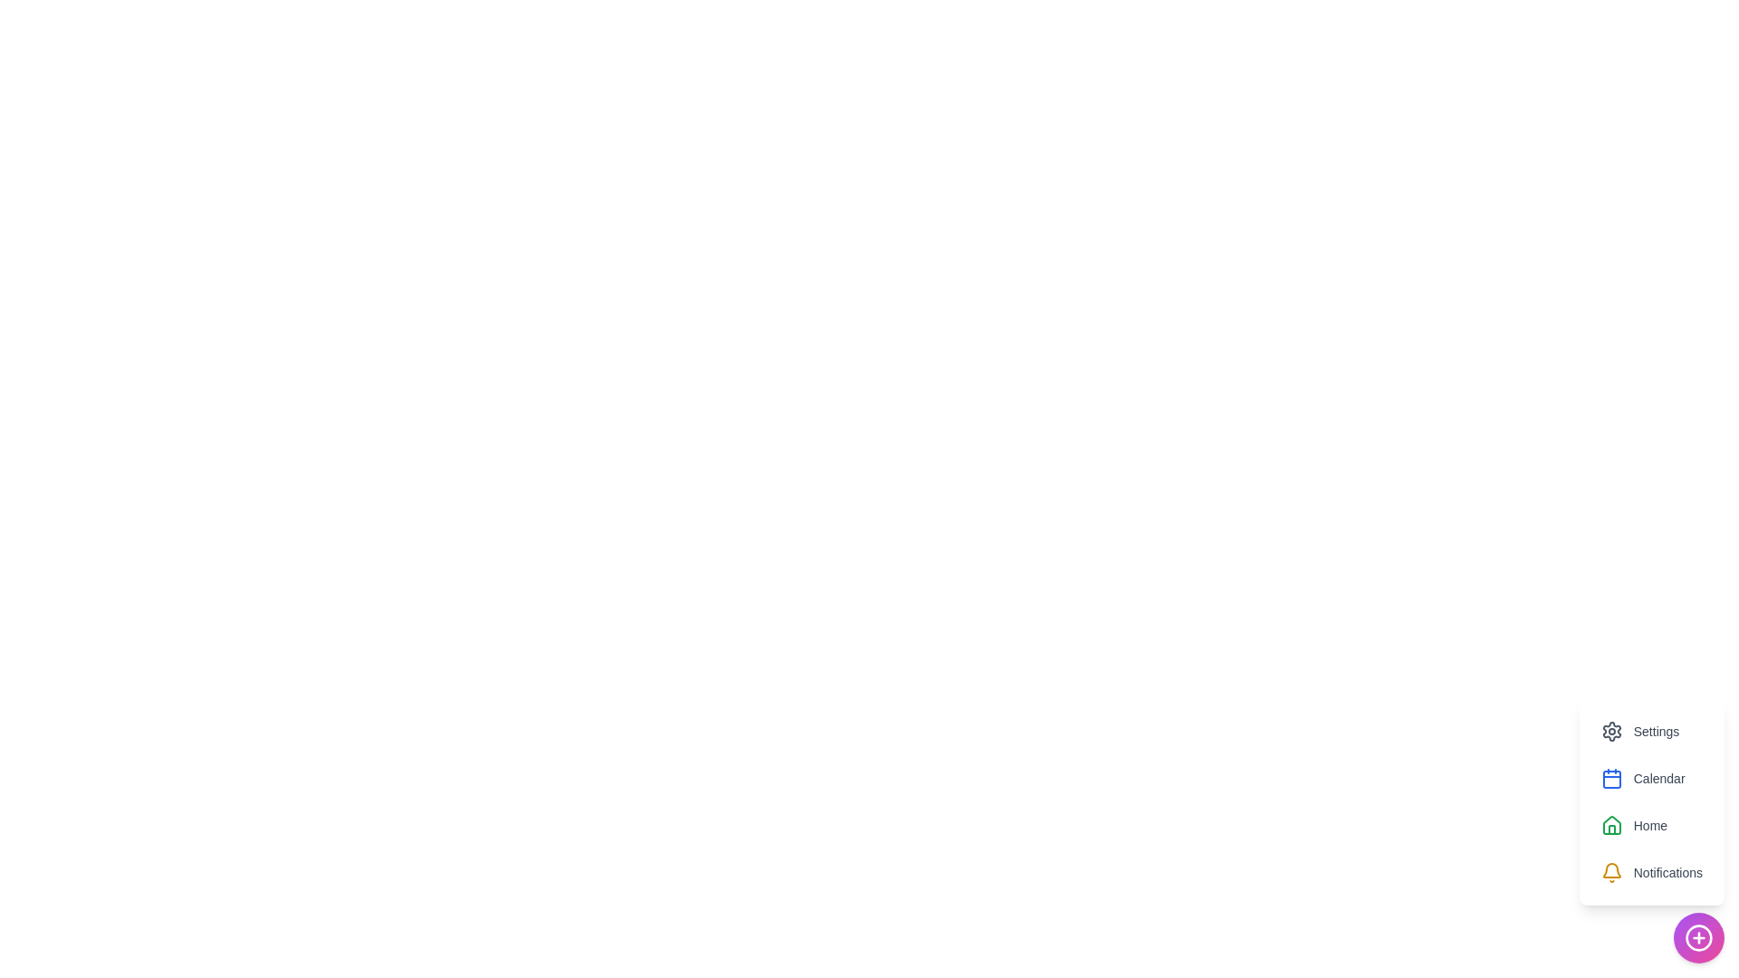 Image resolution: width=1739 pixels, height=978 pixels. I want to click on the Settings option from the menu, so click(1639, 730).